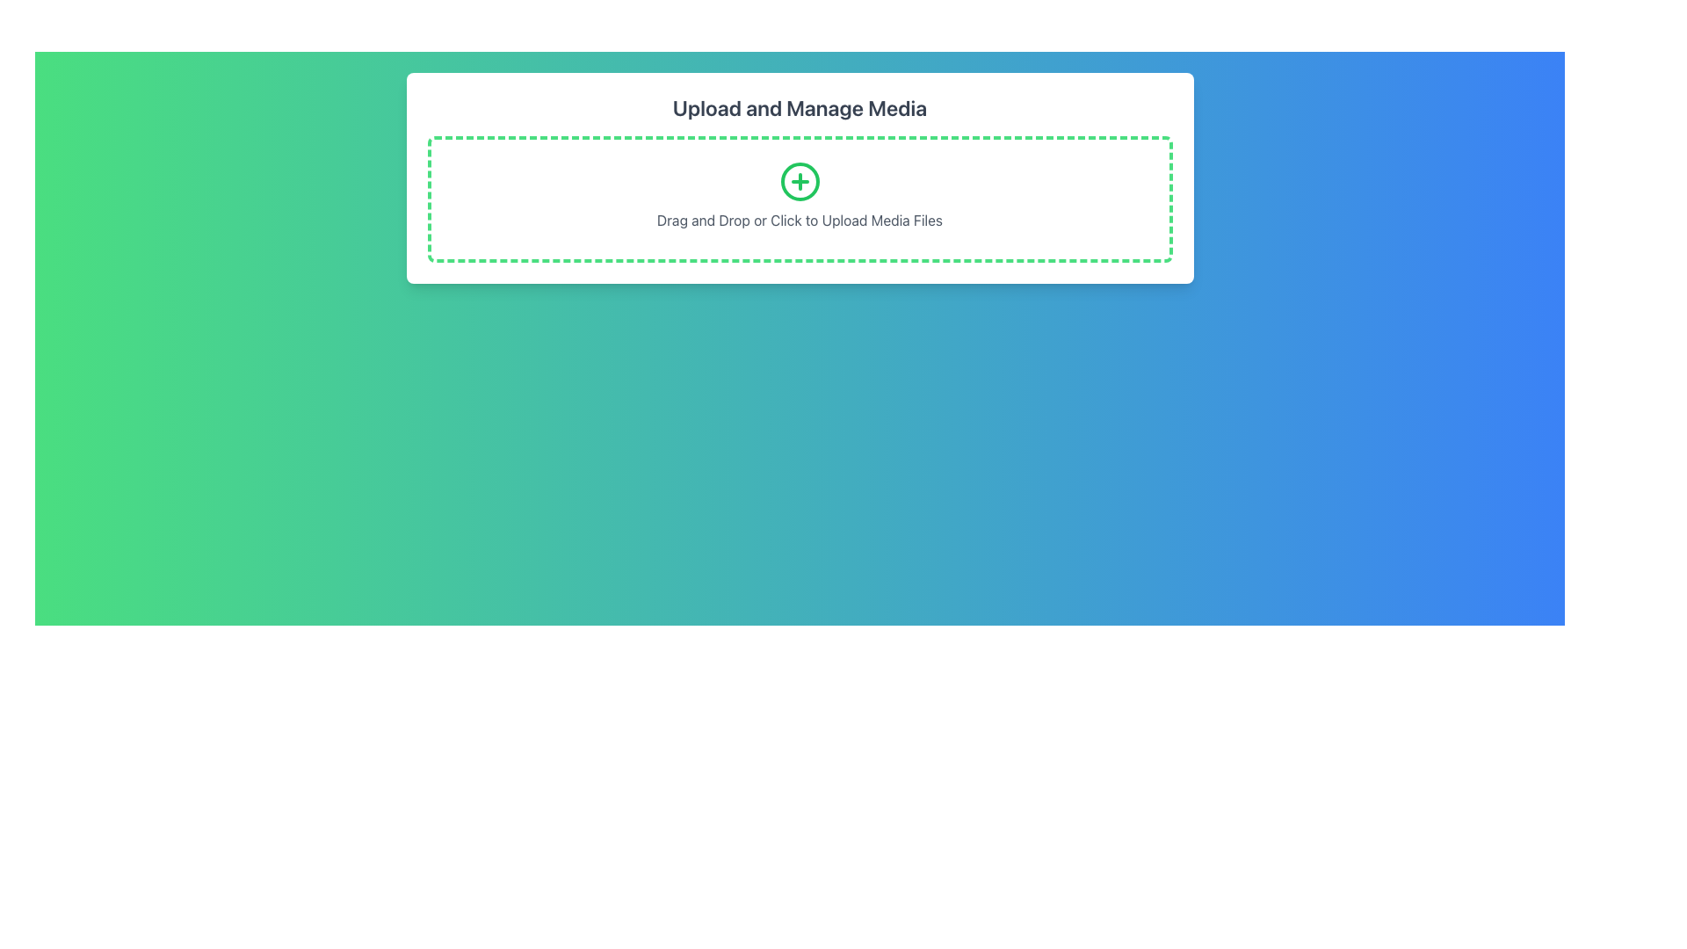  Describe the element at coordinates (799, 199) in the screenshot. I see `files into the File Upload Area located below the 'Upload and Manage Media' text` at that location.